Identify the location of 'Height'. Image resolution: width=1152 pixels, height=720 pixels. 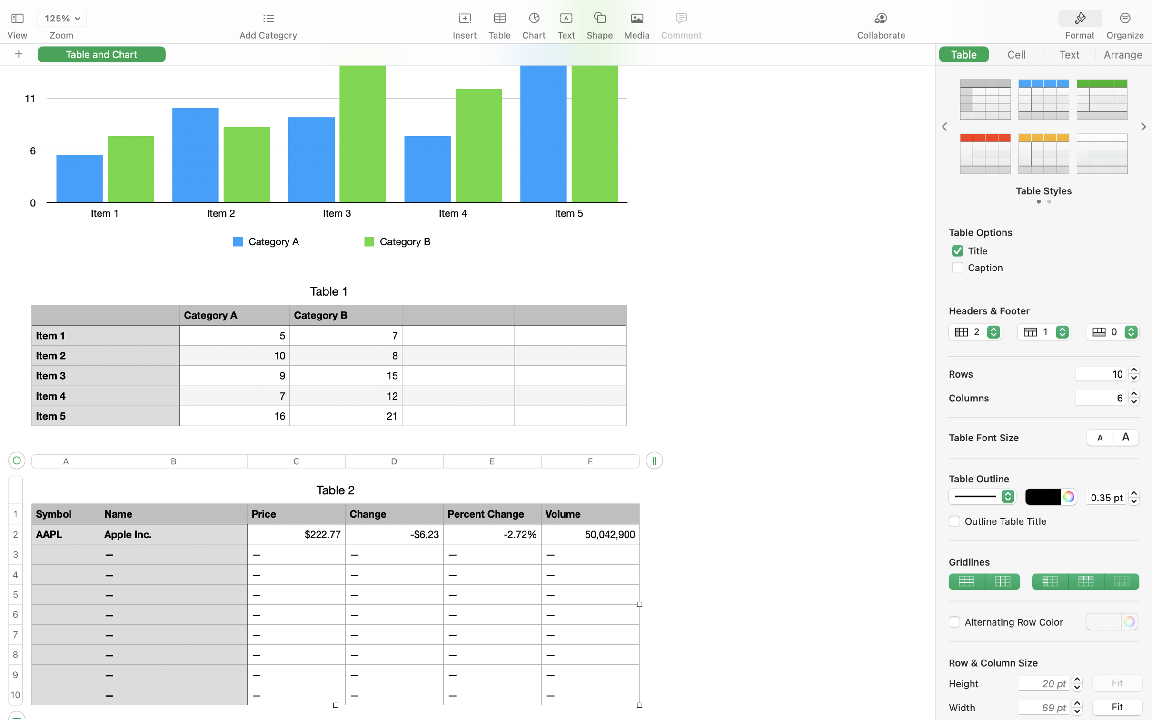
(981, 683).